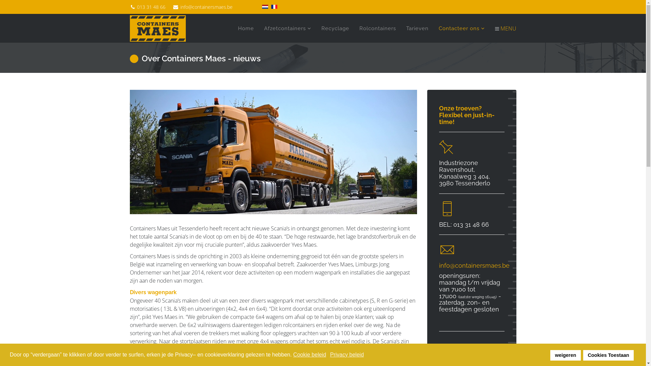  What do you see at coordinates (335, 28) in the screenshot?
I see `'Recyclage'` at bounding box center [335, 28].